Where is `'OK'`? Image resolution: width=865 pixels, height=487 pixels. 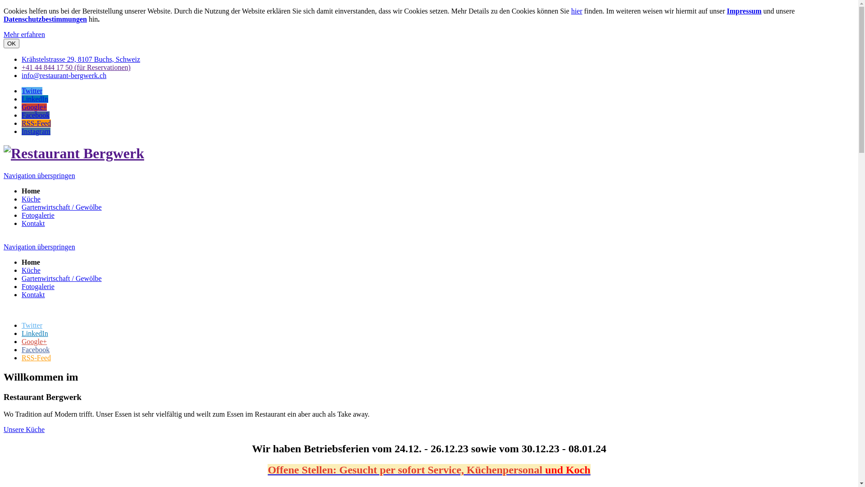 'OK' is located at coordinates (11, 43).